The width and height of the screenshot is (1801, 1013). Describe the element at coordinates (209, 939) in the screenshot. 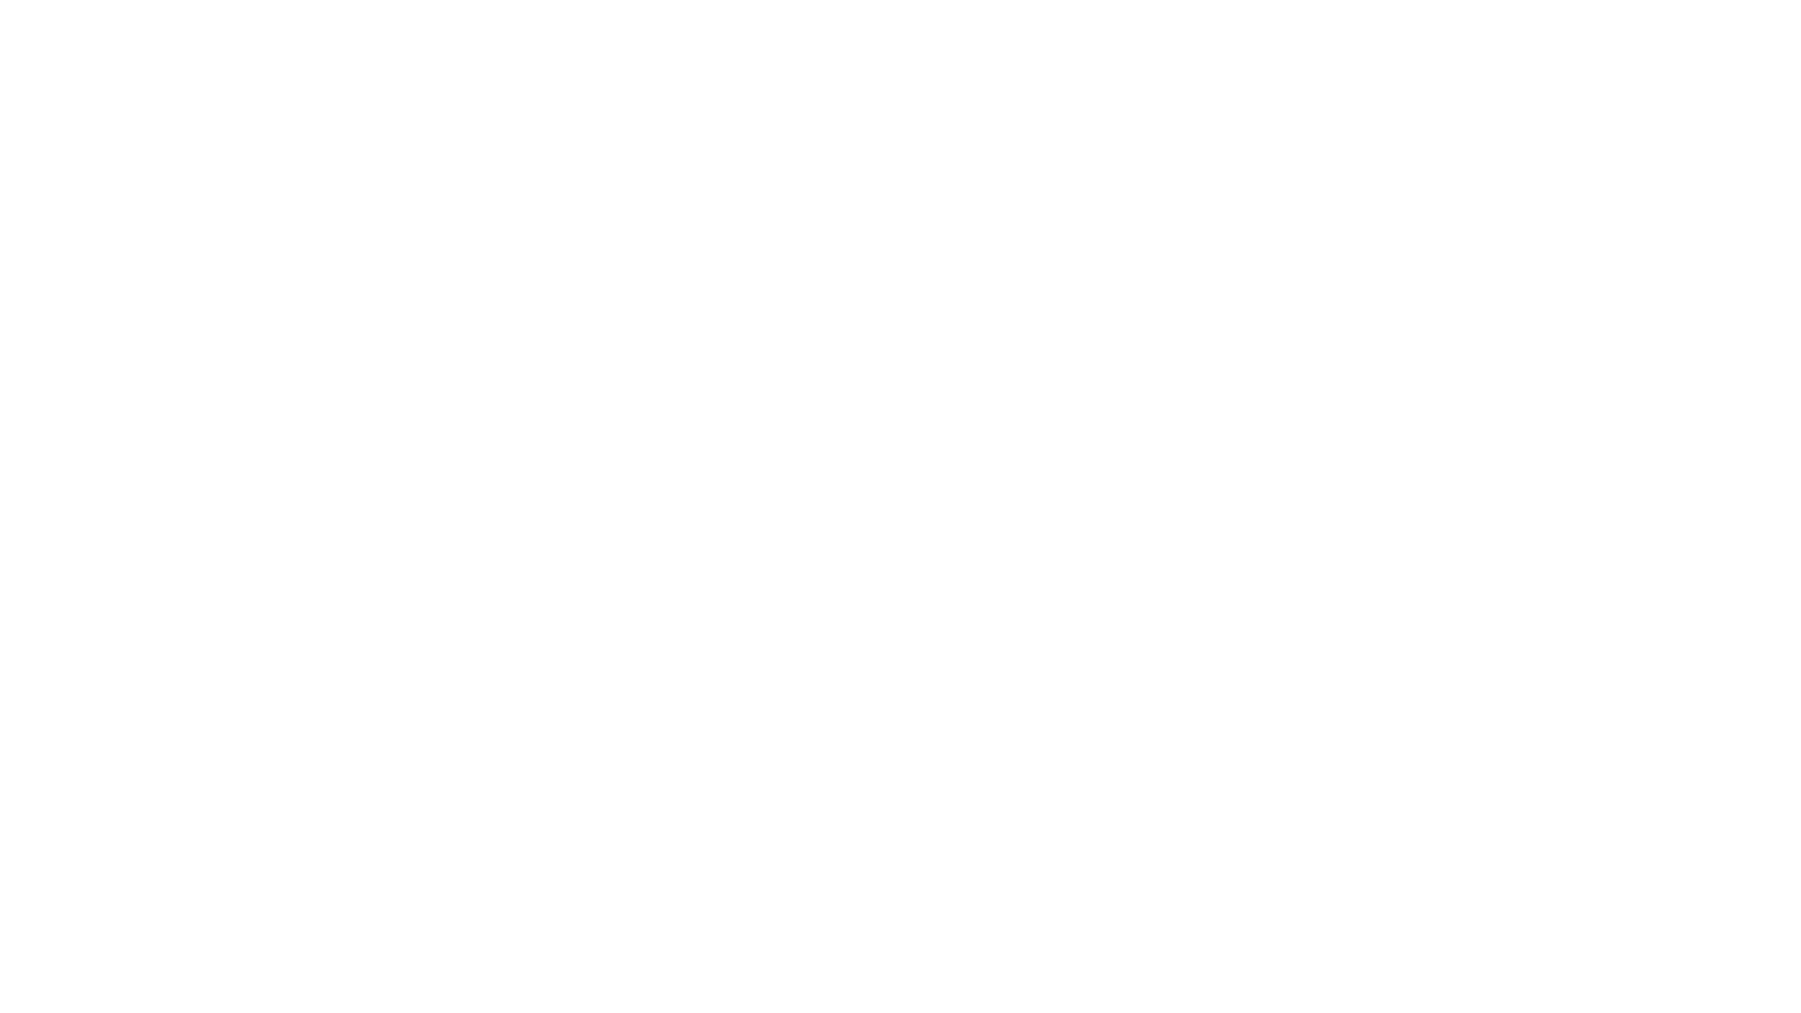

I see `Expand Law` at that location.